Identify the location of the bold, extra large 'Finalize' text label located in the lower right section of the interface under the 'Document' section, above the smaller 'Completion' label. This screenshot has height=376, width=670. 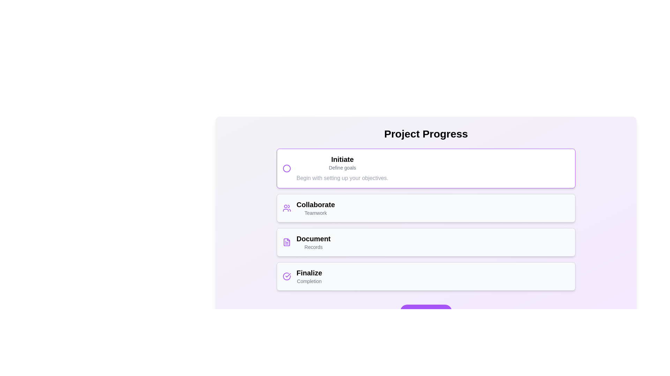
(309, 272).